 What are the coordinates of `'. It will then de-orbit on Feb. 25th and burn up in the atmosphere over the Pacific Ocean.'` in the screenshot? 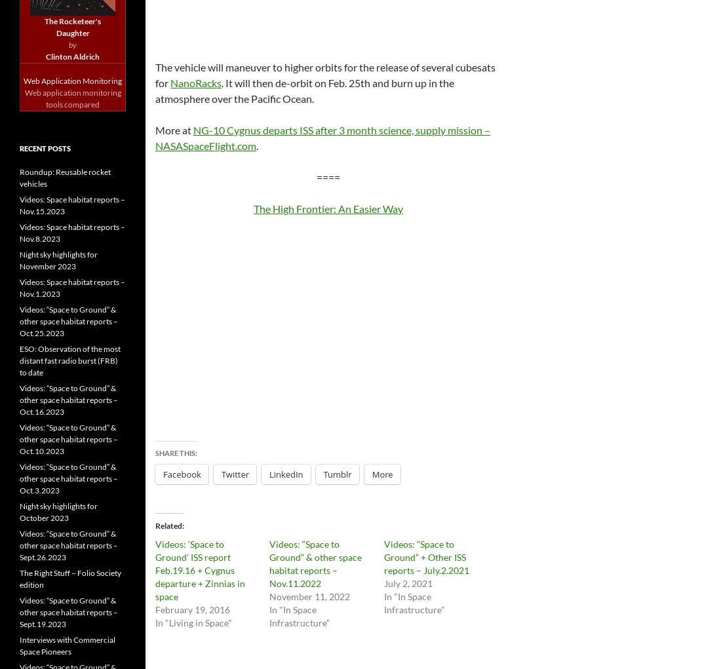 It's located at (303, 90).